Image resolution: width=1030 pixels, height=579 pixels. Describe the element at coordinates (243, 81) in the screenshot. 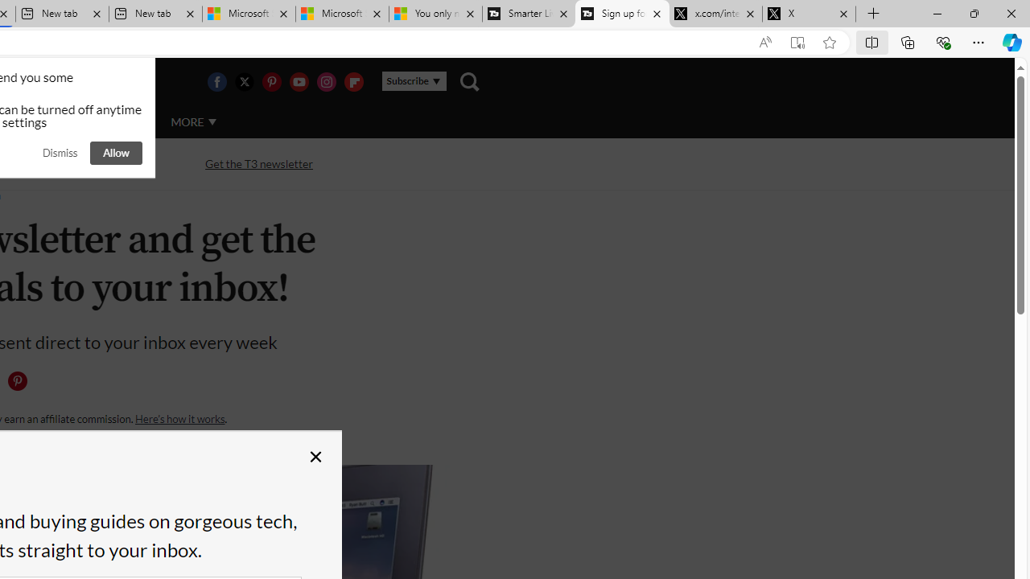

I see `'Visit us on Twitter'` at that location.